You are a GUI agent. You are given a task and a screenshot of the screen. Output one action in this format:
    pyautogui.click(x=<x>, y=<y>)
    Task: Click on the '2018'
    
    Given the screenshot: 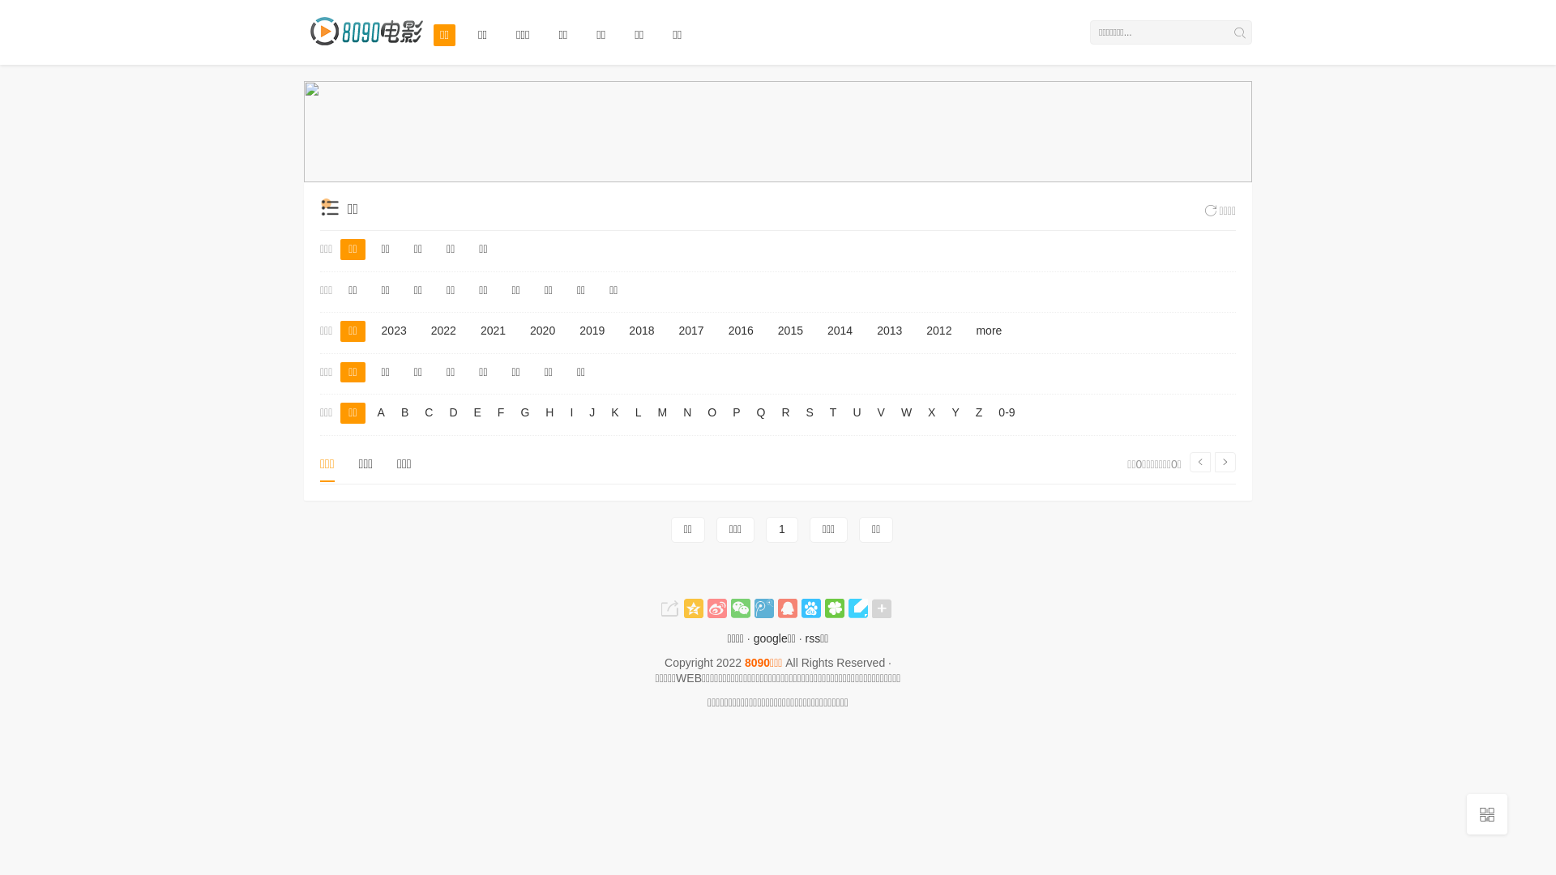 What is the action you would take?
    pyautogui.click(x=640, y=330)
    